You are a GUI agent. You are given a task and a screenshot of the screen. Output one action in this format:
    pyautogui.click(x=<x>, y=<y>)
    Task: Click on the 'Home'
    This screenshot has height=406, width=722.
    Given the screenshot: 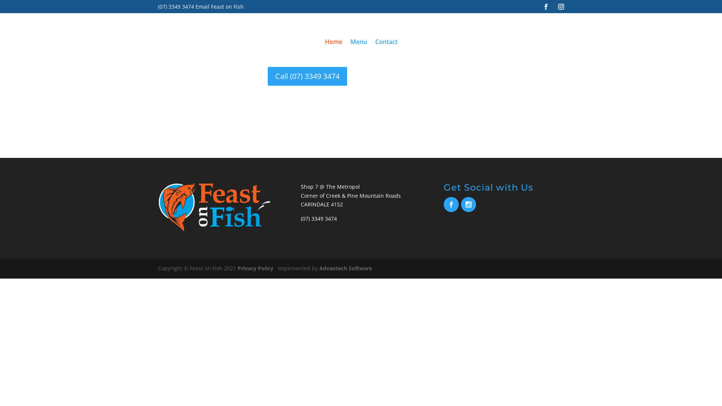 What is the action you would take?
    pyautogui.click(x=333, y=42)
    